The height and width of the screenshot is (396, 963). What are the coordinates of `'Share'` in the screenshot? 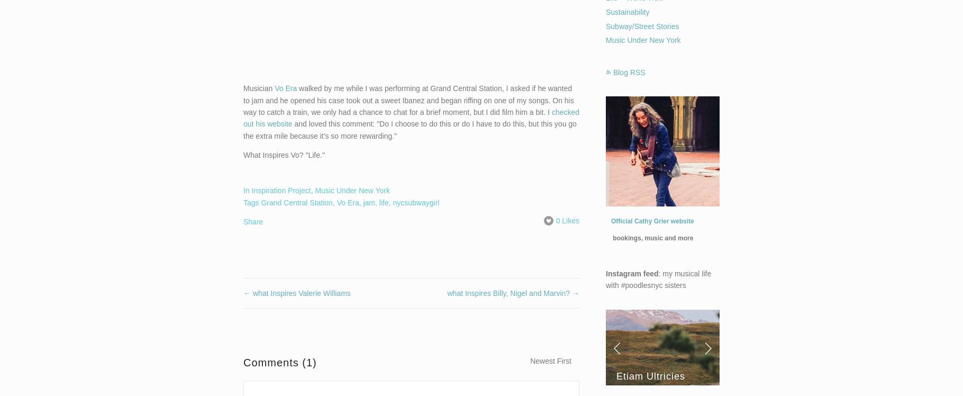 It's located at (253, 222).